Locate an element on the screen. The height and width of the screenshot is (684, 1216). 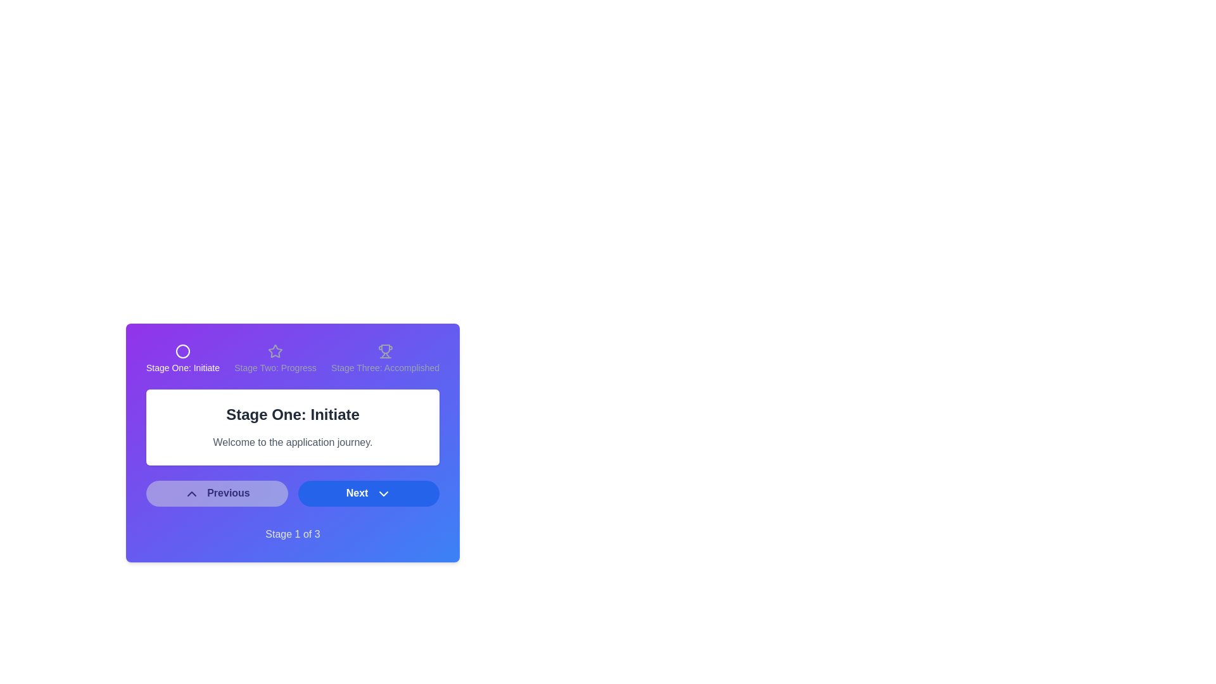
the circular icon with an outlined border, which is part of the progress indicator labeled 'Stage One: Initiate.' is located at coordinates (182, 351).